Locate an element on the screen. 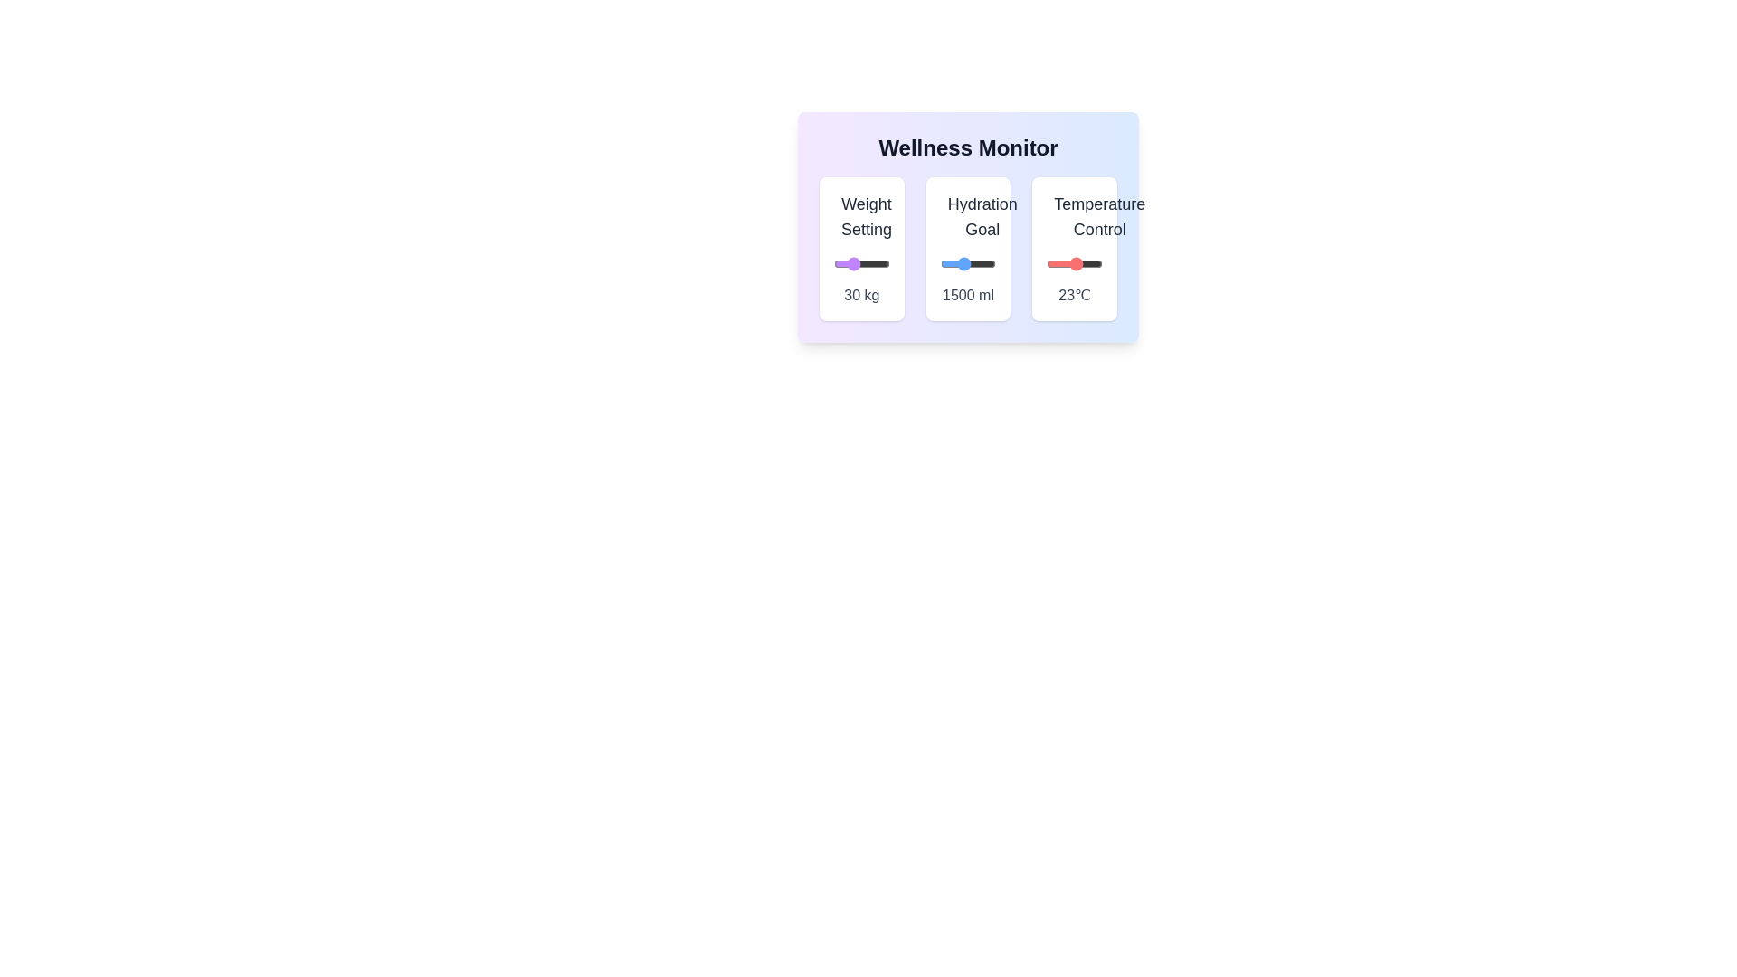 The image size is (1737, 977). the vibrant iconographic symbol in the Weight Setting section of the Wellness Monitor panel is located at coordinates (848, 220).